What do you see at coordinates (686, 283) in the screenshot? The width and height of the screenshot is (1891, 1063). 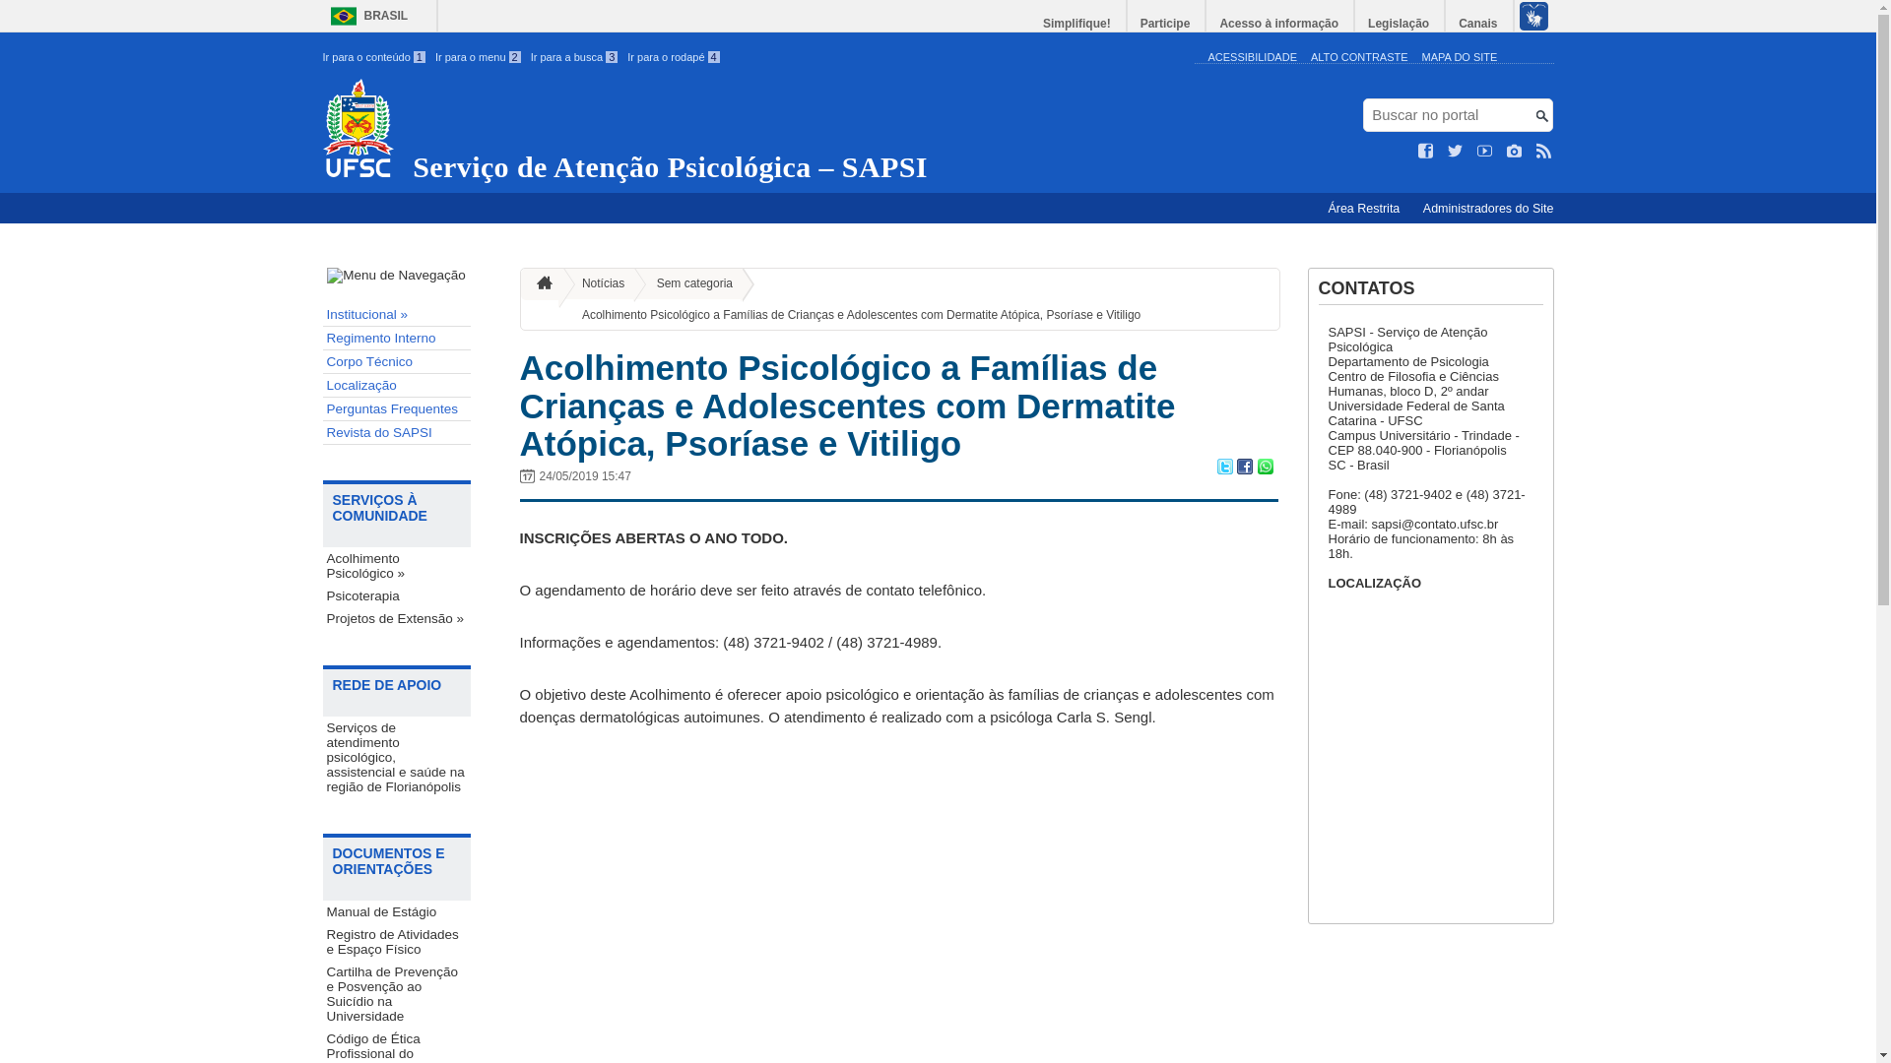 I see `'Sem categoria'` at bounding box center [686, 283].